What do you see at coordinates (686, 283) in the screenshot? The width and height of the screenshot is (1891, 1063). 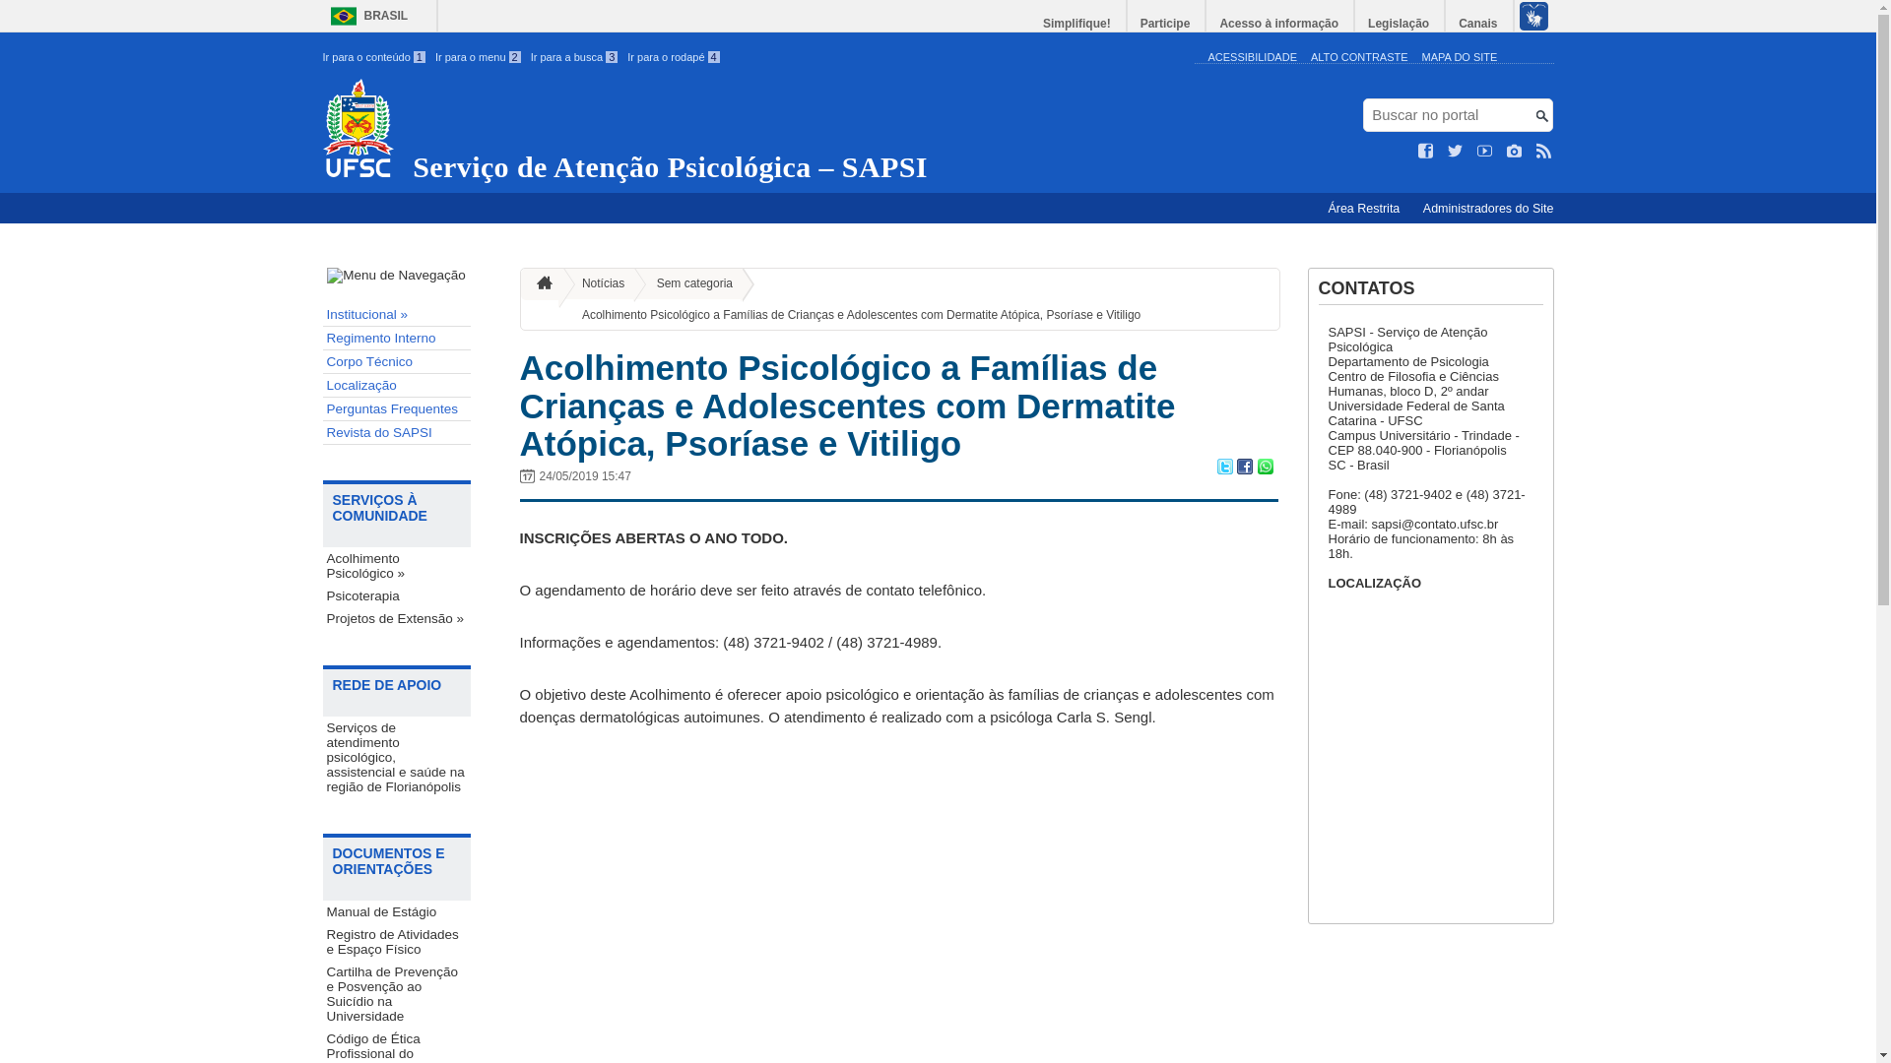 I see `'Sem categoria'` at bounding box center [686, 283].